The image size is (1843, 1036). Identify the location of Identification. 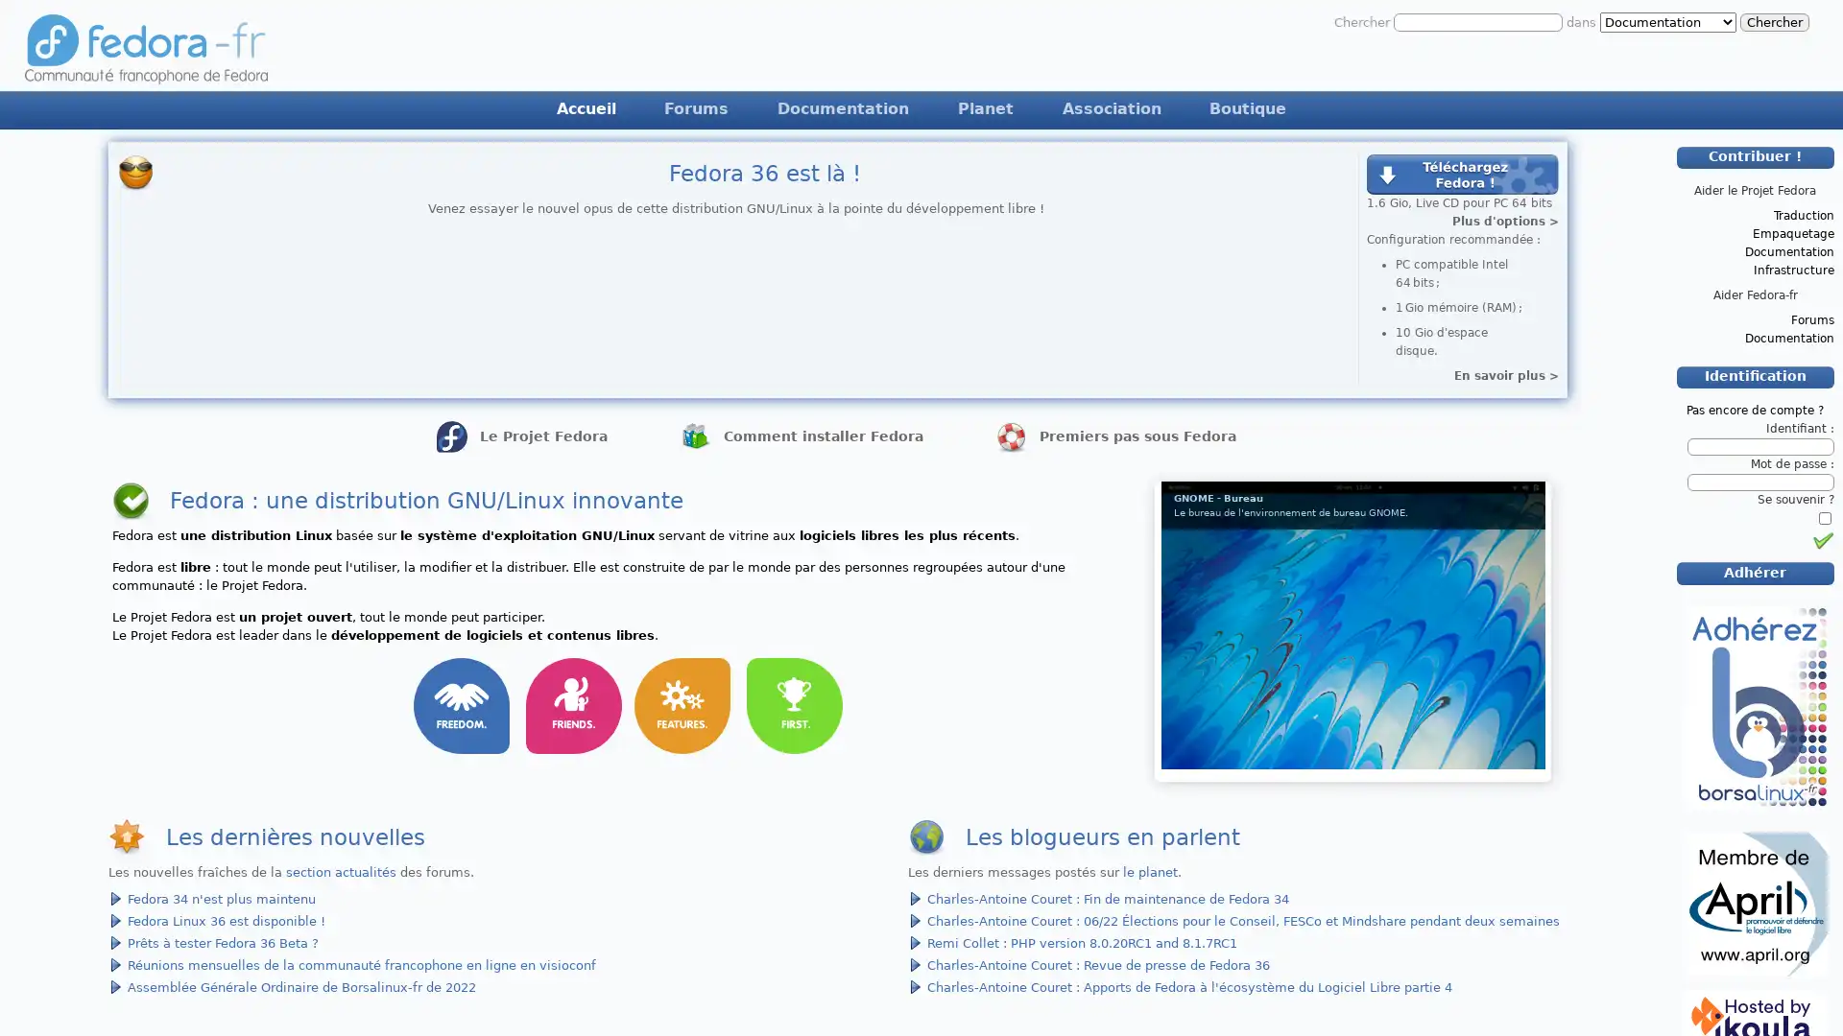
(1820, 540).